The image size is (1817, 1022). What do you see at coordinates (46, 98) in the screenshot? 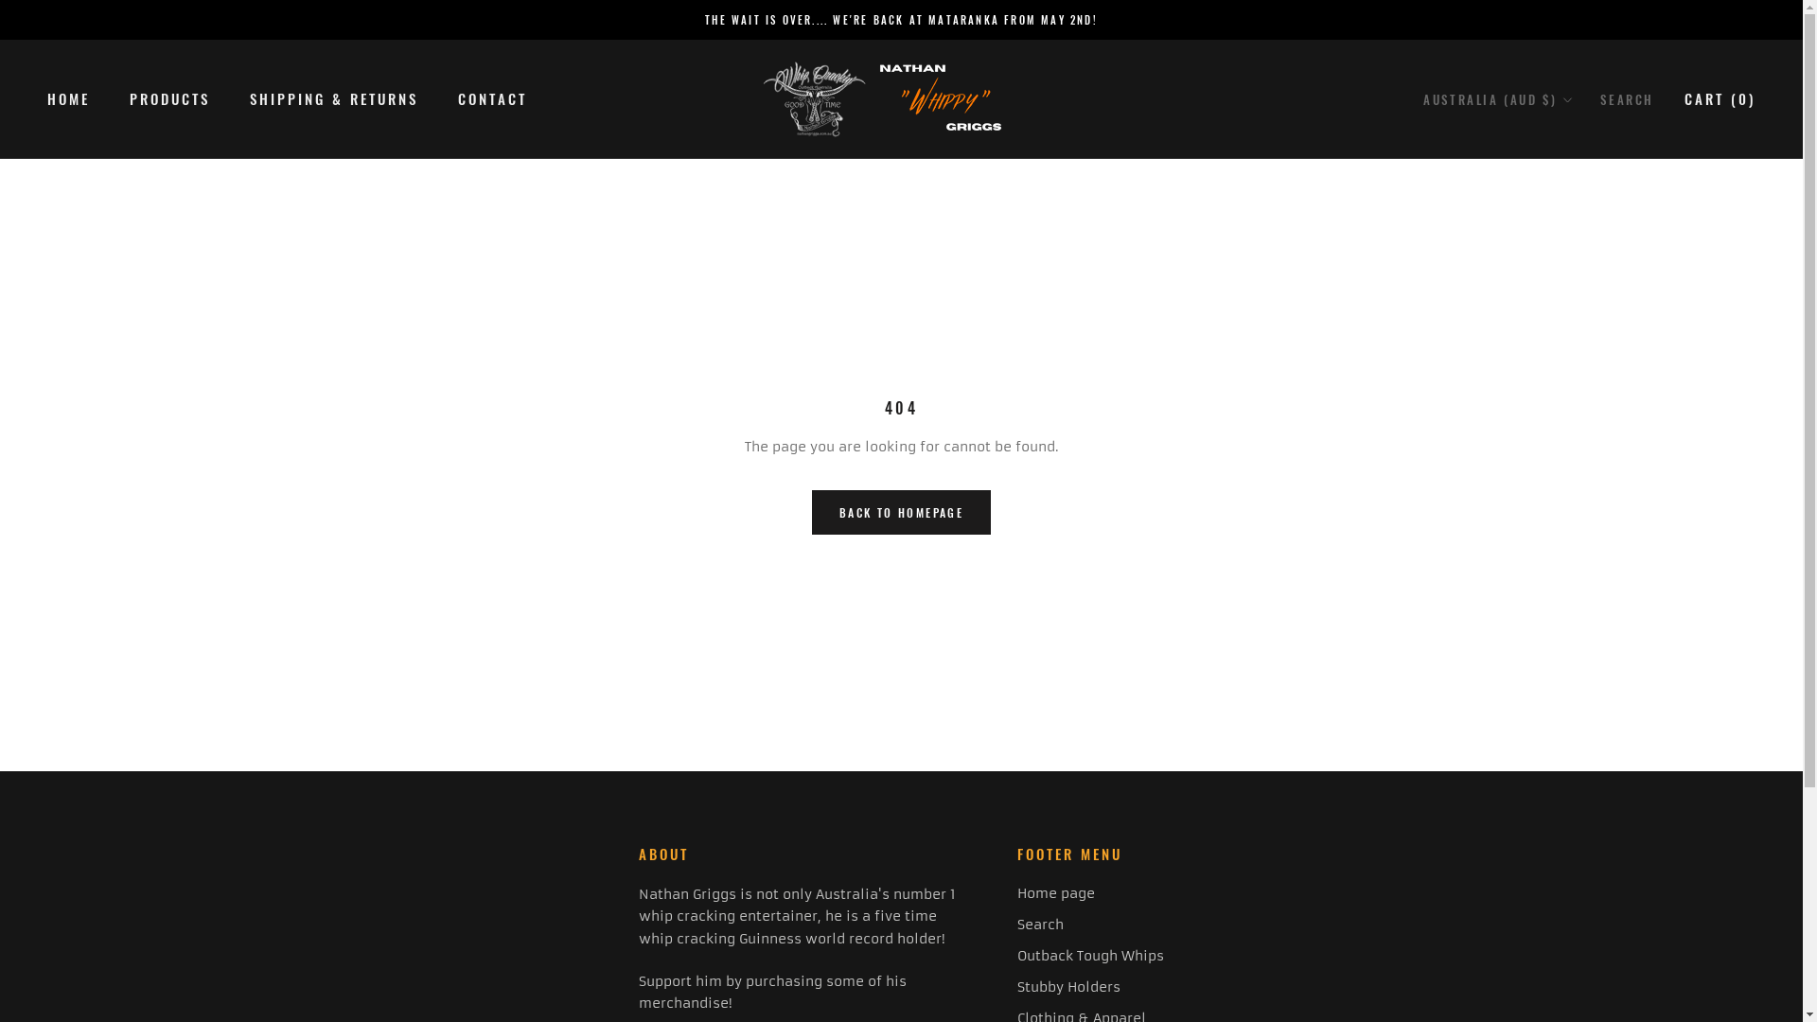
I see `'HOME` at bounding box center [46, 98].